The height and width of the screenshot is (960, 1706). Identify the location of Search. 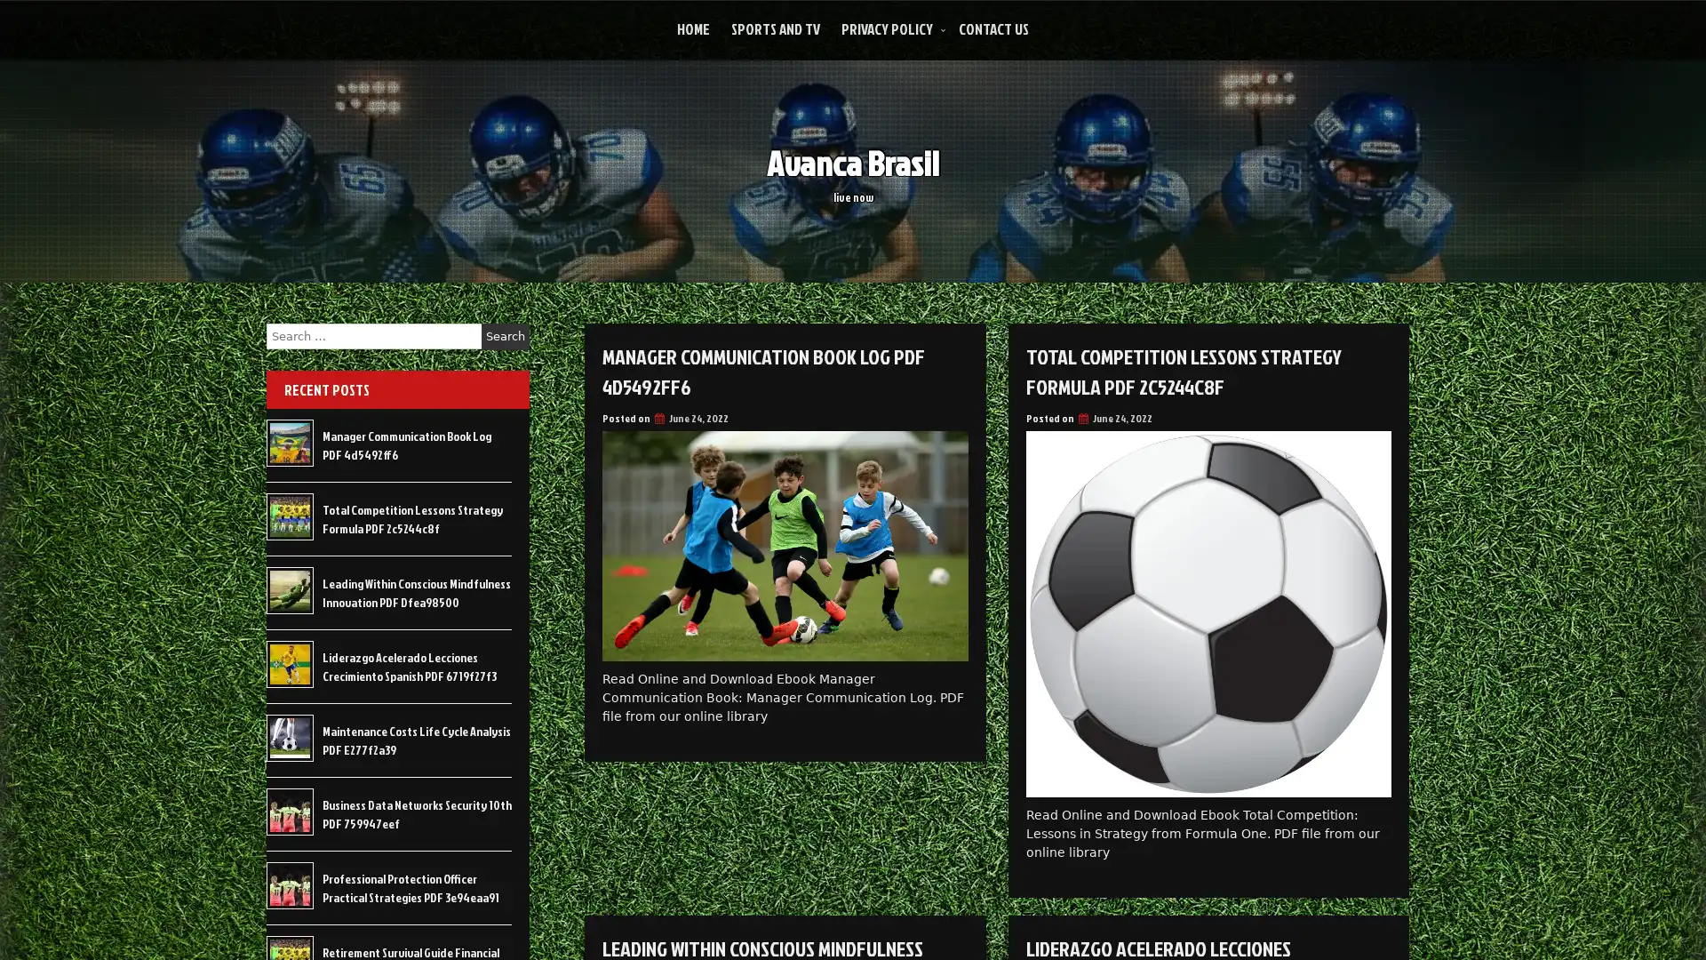
(505, 336).